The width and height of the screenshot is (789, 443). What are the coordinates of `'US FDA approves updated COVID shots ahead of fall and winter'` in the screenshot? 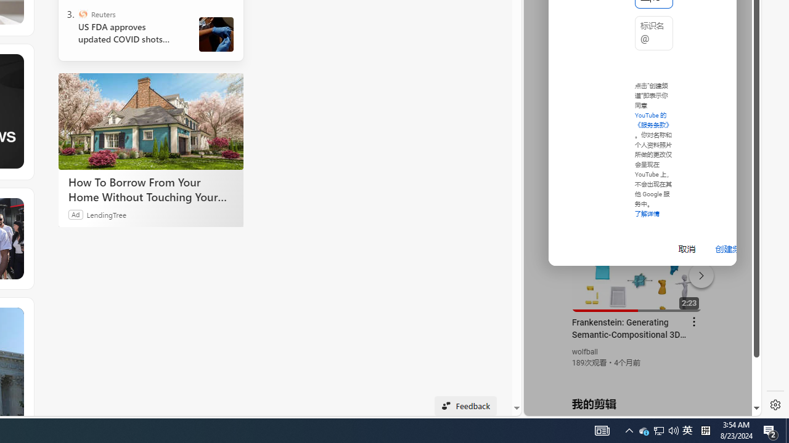 It's located at (129, 33).